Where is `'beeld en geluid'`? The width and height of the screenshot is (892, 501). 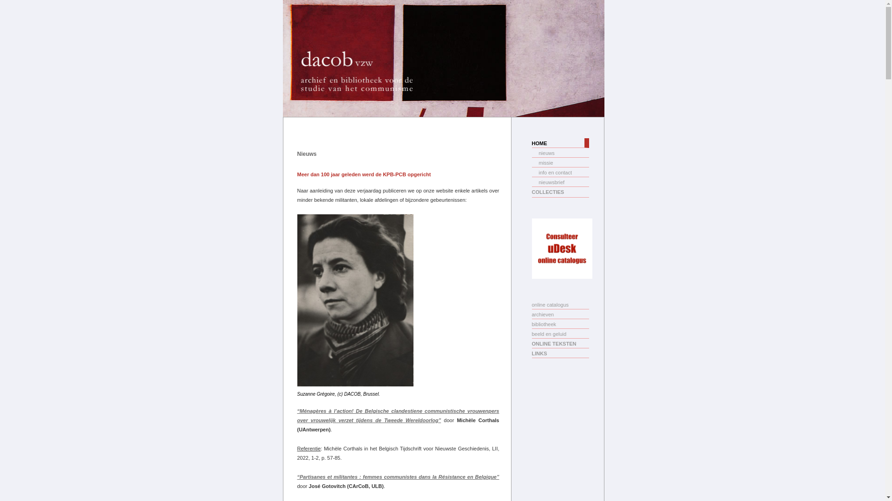 'beeld en geluid' is located at coordinates (559, 333).